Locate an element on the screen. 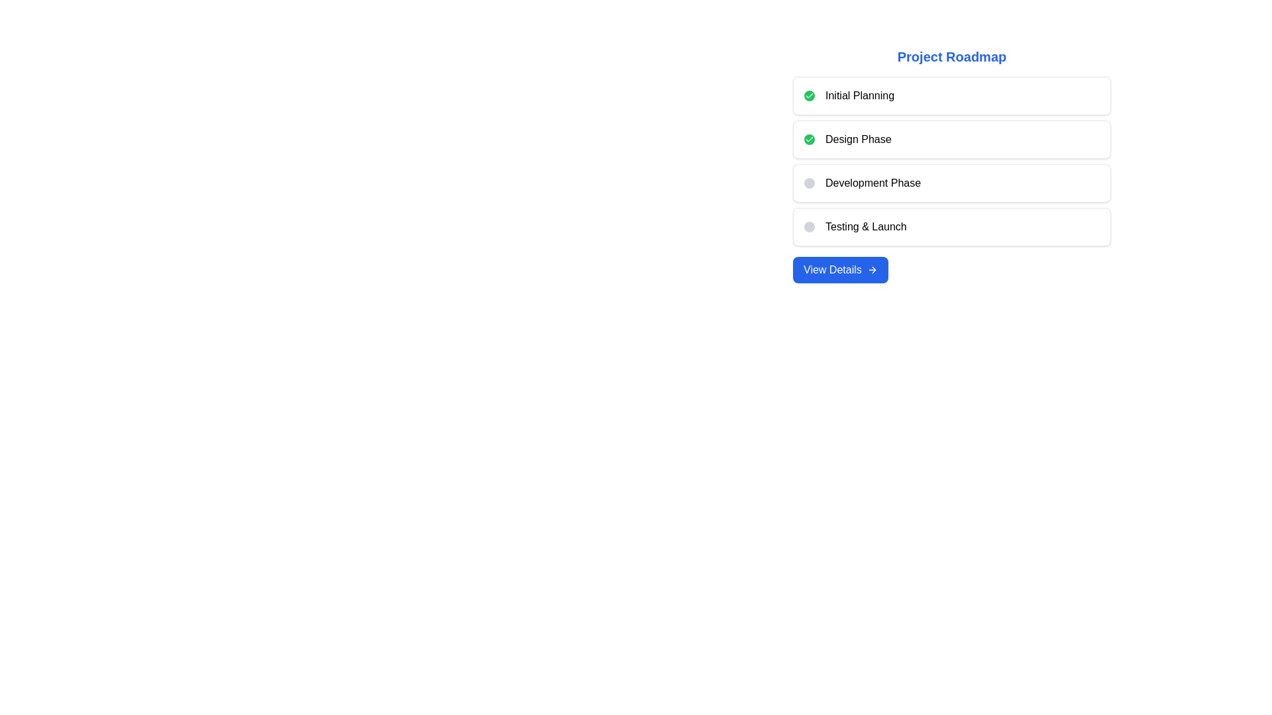  the small right arrow icon, which is part of an SVG graphic located near the 'View Details' button in the lower portion of the page is located at coordinates (874, 269).